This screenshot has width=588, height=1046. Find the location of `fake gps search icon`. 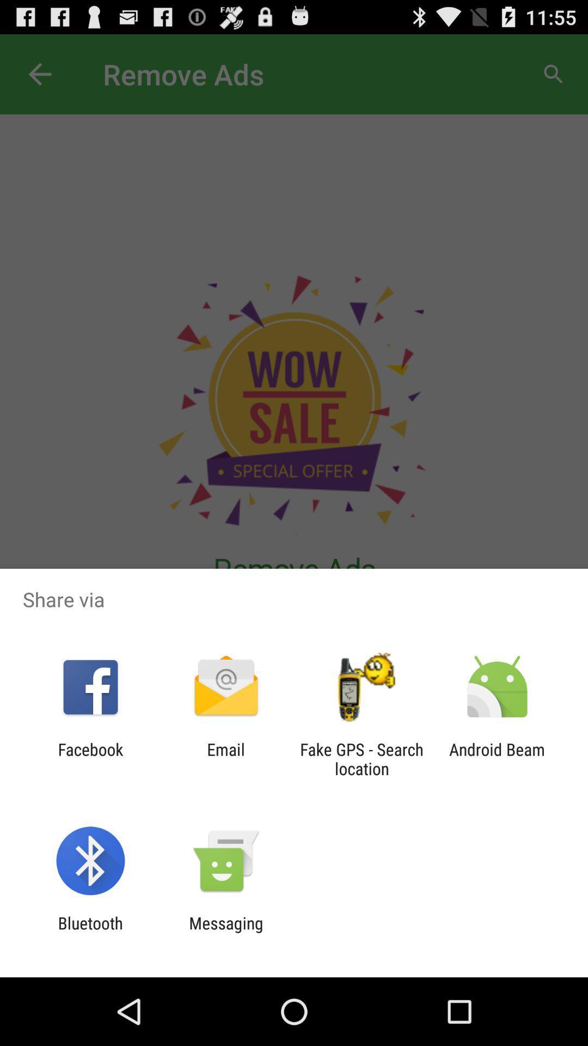

fake gps search icon is located at coordinates (362, 758).